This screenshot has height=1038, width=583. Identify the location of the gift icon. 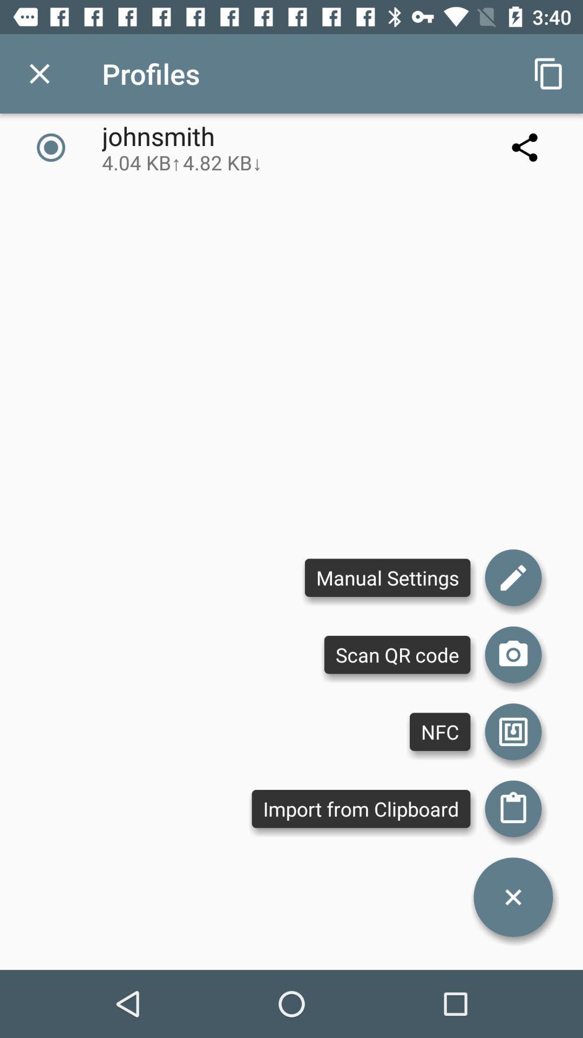
(513, 809).